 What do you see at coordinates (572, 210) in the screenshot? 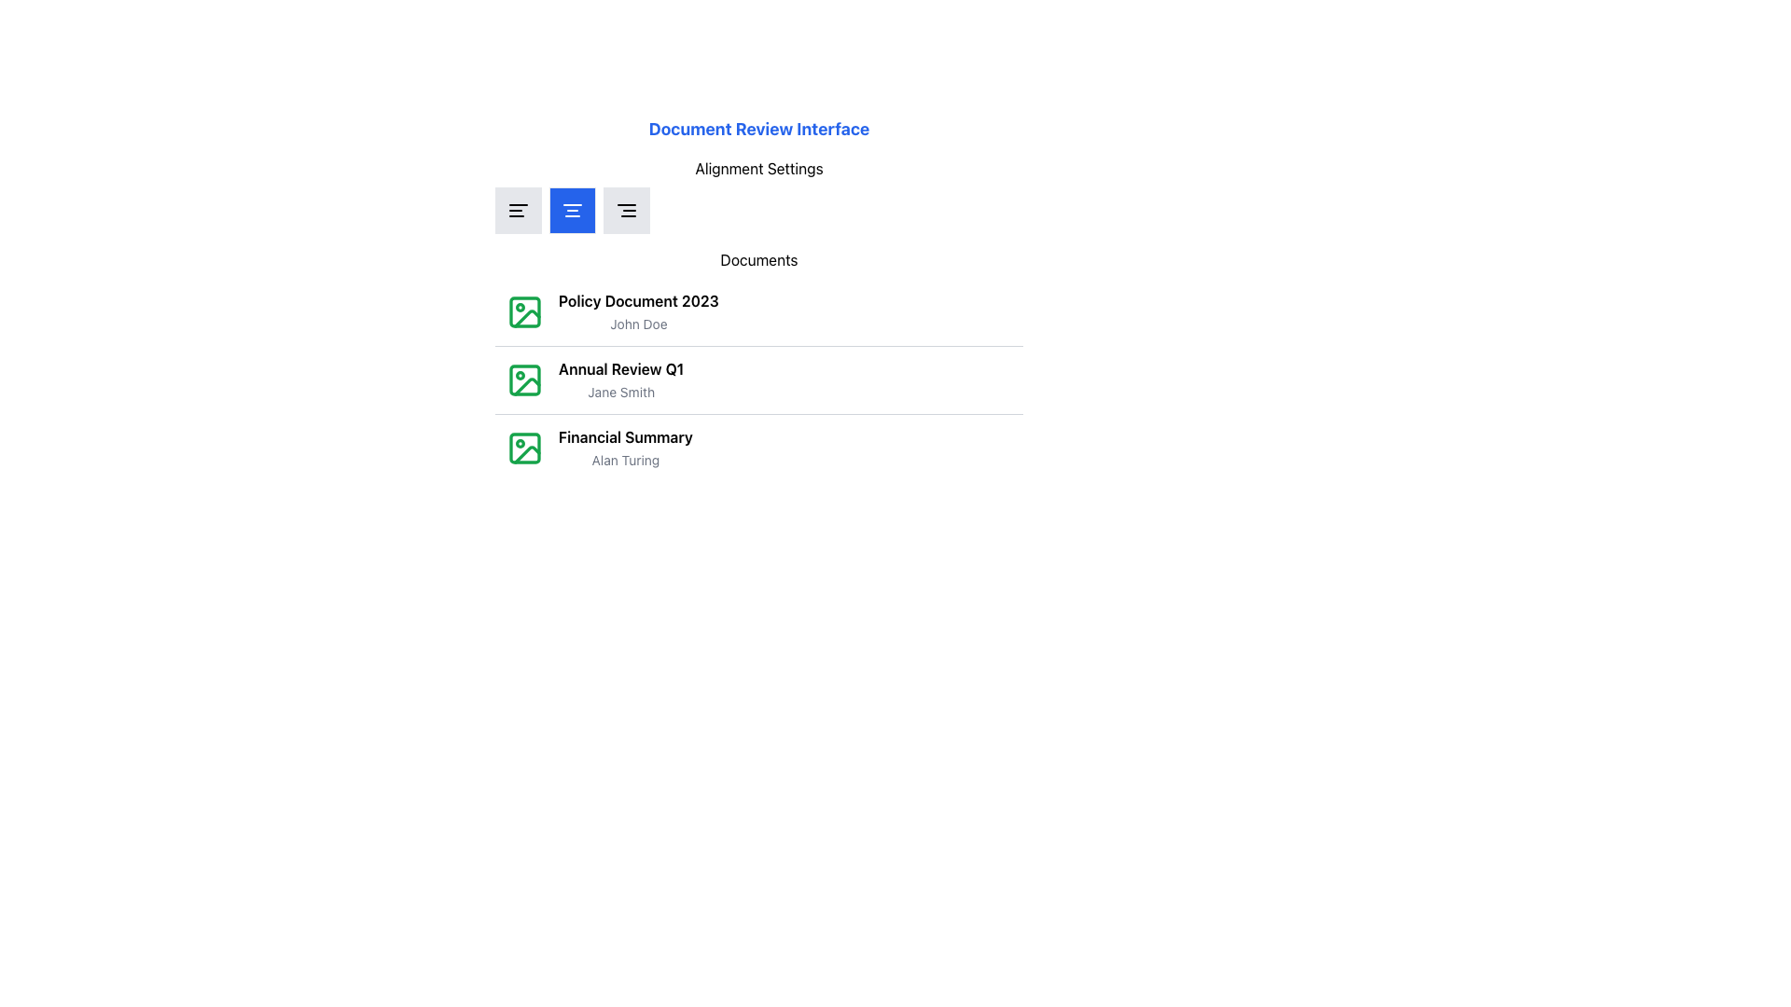
I see `the middle blue button with white borders, featuring an icon of three horizontal lines` at bounding box center [572, 210].